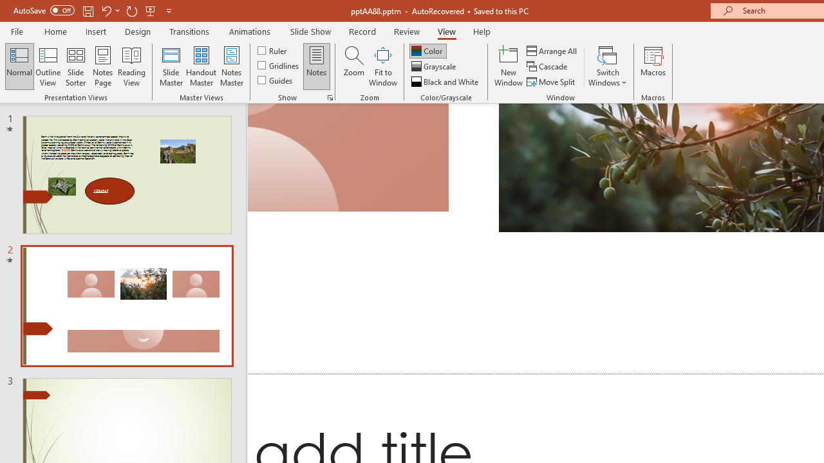  I want to click on 'Outline View', so click(48, 66).